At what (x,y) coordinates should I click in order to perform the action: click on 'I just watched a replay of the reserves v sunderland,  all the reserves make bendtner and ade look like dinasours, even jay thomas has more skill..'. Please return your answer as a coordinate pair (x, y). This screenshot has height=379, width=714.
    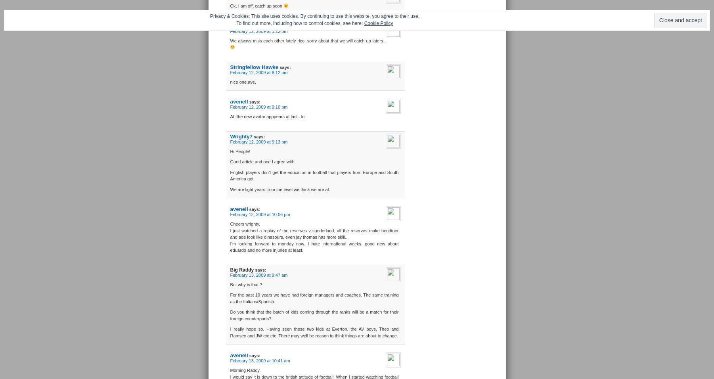
    Looking at the image, I should click on (314, 233).